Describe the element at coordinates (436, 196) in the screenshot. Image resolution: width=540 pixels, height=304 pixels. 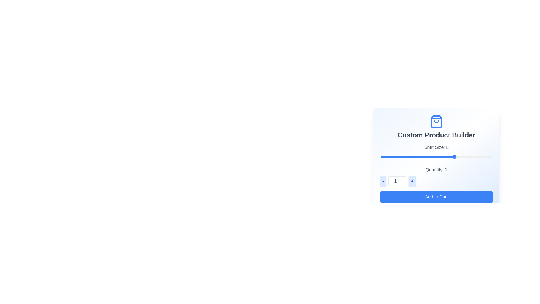
I see `the 'Add to Cart' button, which is a blue rectangular button with white text and rounded corners, located at the bottom of the 'Custom Product Builder' section` at that location.